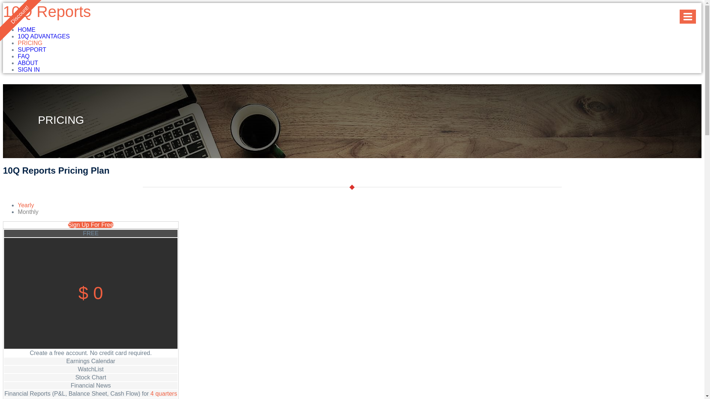 The width and height of the screenshot is (710, 399). What do you see at coordinates (23, 56) in the screenshot?
I see `'FAQ'` at bounding box center [23, 56].